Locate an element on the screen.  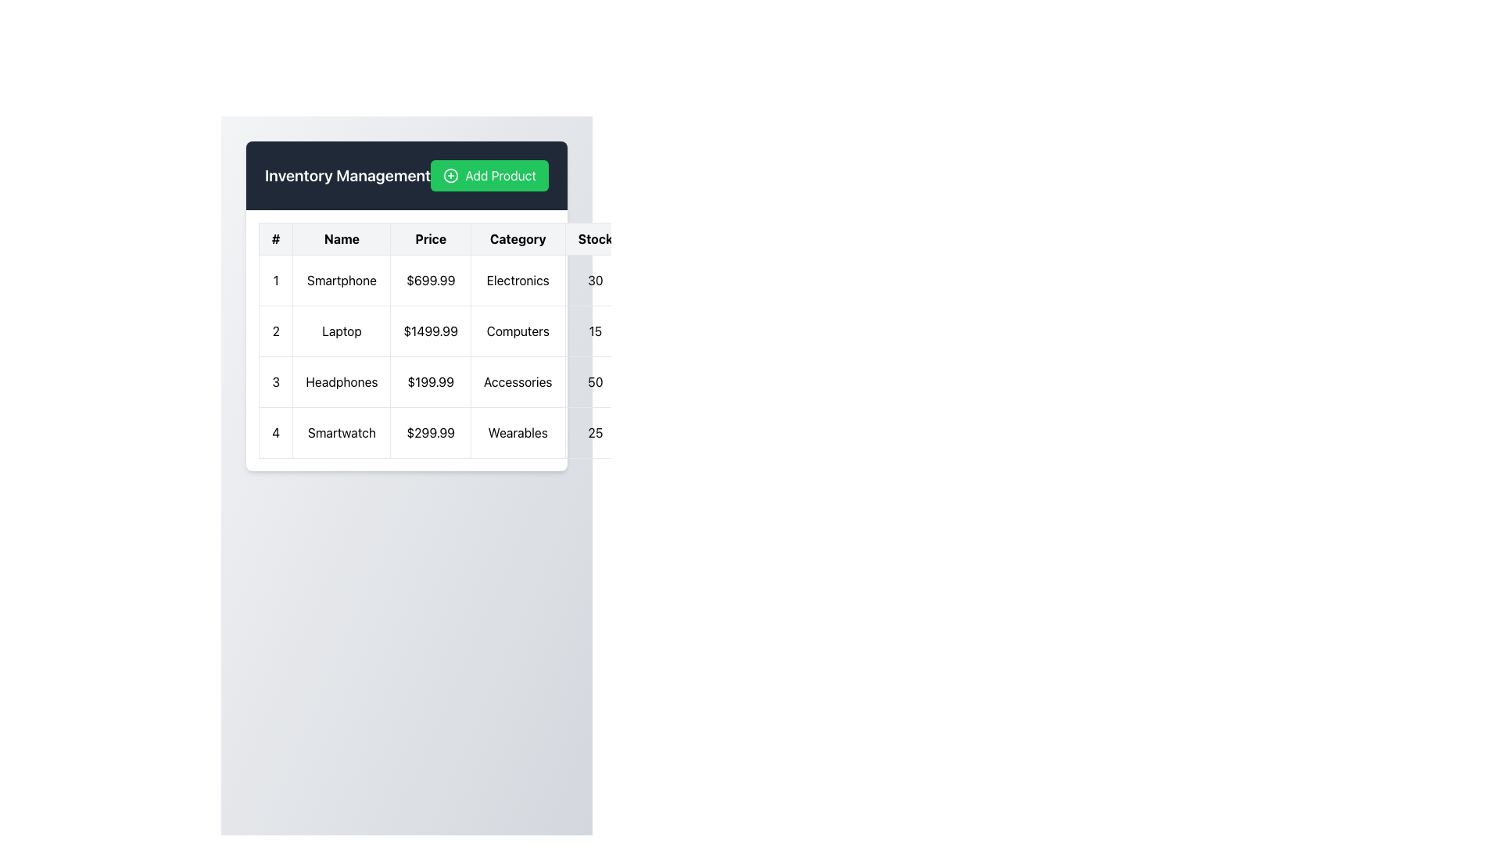
the Text label within the 'Category' column of the table that describes the item 'Smartphone' in the first row is located at coordinates (518, 279).